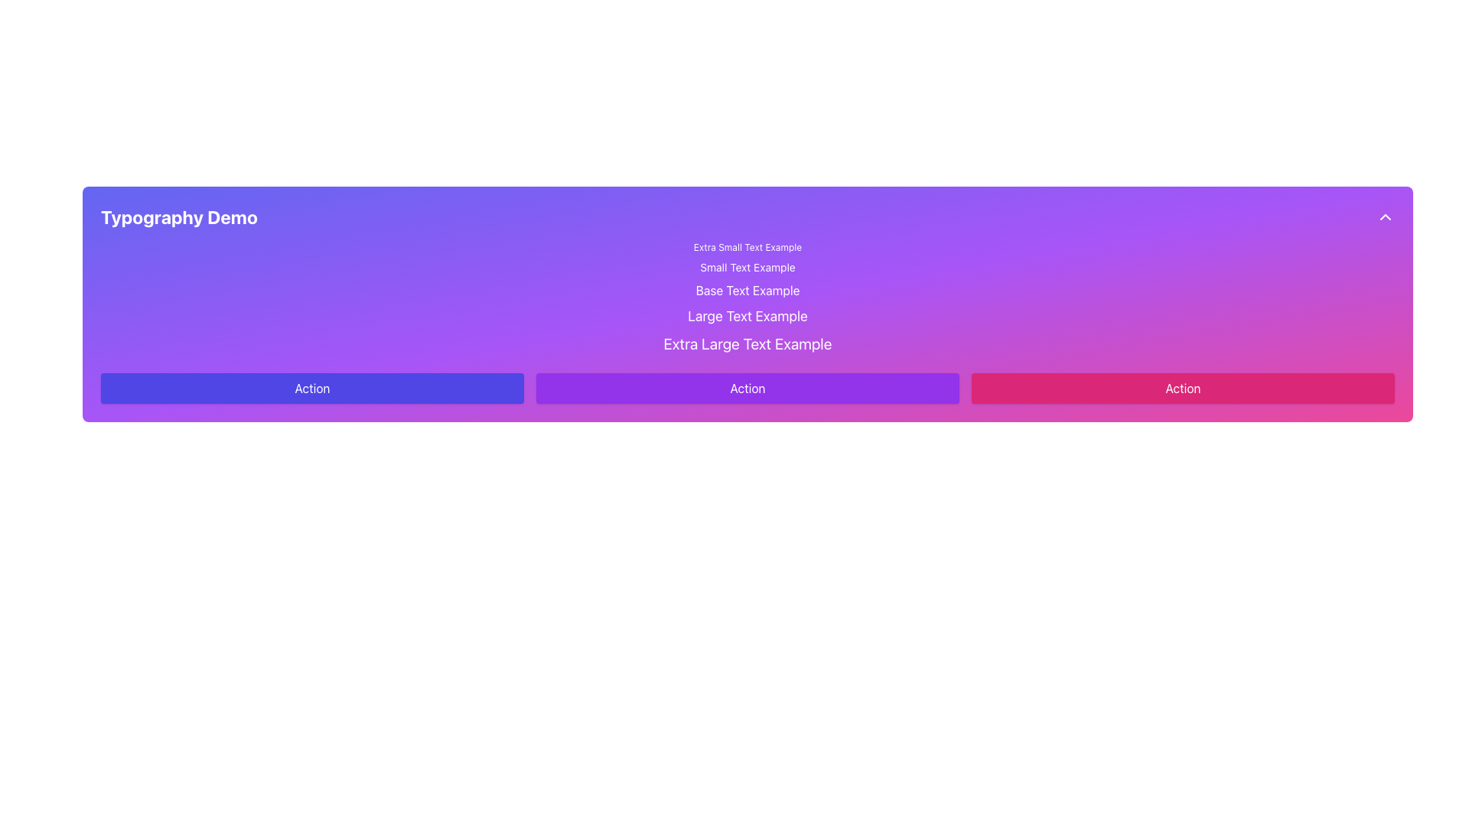 The image size is (1469, 826). What do you see at coordinates (748, 315) in the screenshot?
I see `text displayed in the Typography example, which is the fourth element in a vertical stack of text elements, located between 'Base Text Example' and 'Extra Large Text Example'` at bounding box center [748, 315].